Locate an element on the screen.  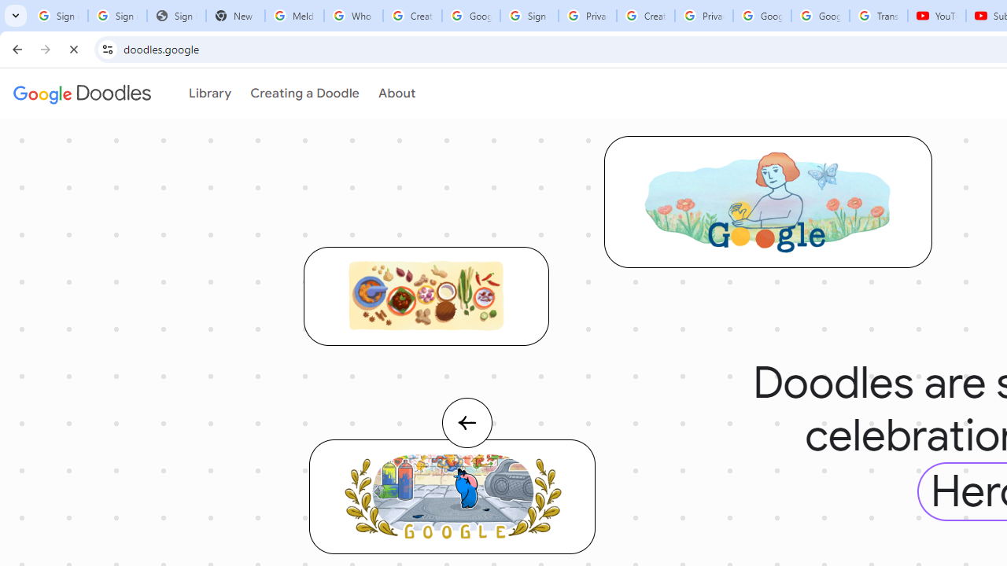
'Previous slide' is located at coordinates (466, 439).